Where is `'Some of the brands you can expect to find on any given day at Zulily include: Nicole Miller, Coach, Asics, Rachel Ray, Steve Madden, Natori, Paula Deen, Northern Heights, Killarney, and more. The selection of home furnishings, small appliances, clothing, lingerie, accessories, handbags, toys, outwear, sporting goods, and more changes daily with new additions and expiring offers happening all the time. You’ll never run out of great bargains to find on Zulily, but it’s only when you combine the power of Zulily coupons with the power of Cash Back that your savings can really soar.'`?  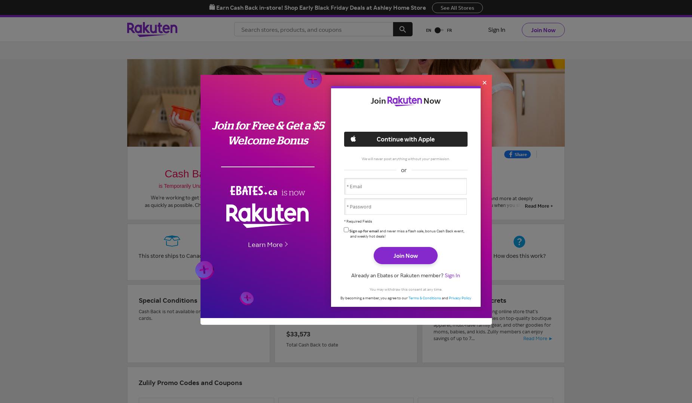
'Some of the brands you can expect to find on any given day at Zulily include: Nicole Miller, Coach, Asics, Rachel Ray, Steve Madden, Natori, Paula Deen, Northern Heights, Killarney, and more. The selection of home furnishings, small appliances, clothing, lingerie, accessories, handbags, toys, outwear, sporting goods, and more changes daily with new additions and expiring offers happening all the time. You’ll never run out of great bargains to find on Zulily, but it’s only when you combine the power of Zulily coupons with the power of Cash Back that your savings can really soar.' is located at coordinates (402, 272).